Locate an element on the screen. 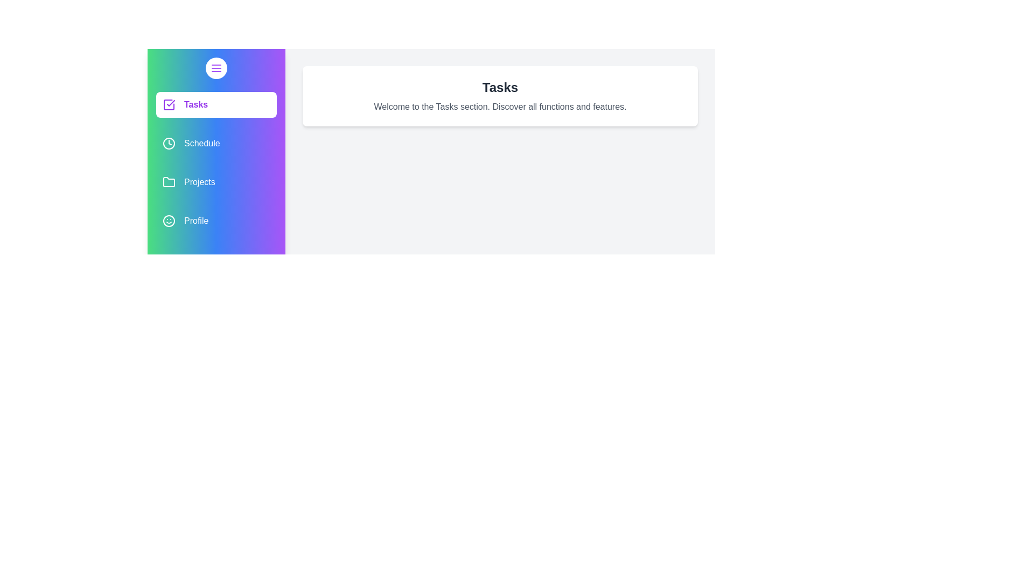 This screenshot has height=581, width=1034. the Projects section by clicking on its corresponding item in the list is located at coordinates (216, 182).